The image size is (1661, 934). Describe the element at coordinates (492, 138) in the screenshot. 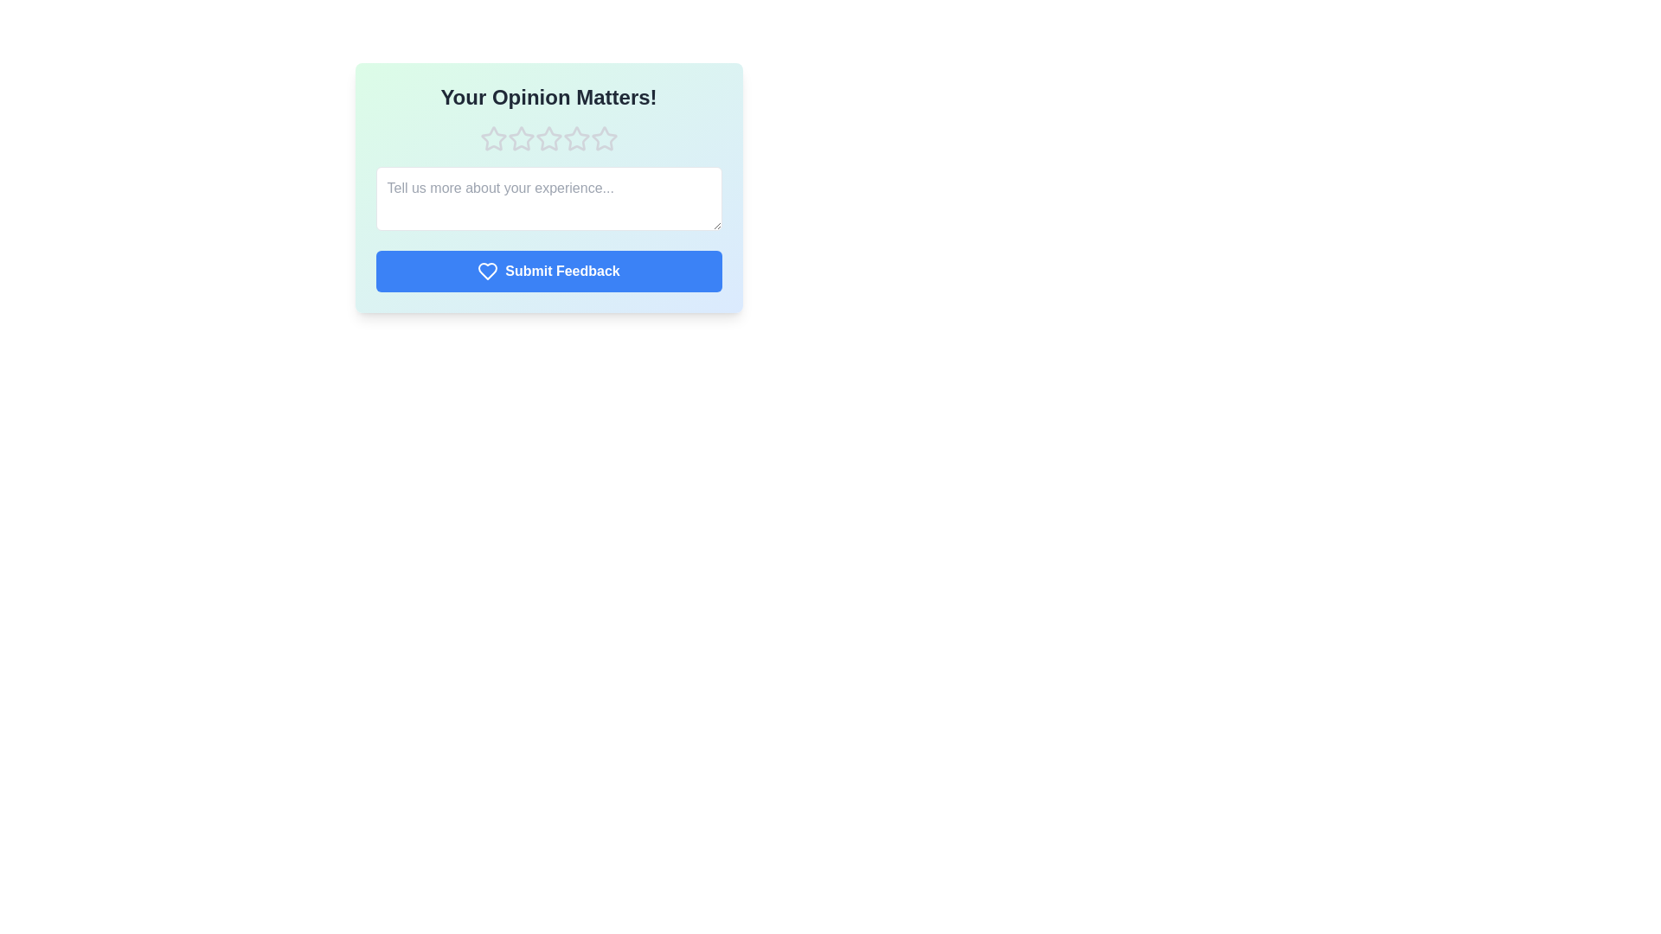

I see `towards the leftmost Rating Star Icon, which is part of a series of five identical star icons located under the text 'Your Opinion Matters!' in a feedback form` at that location.